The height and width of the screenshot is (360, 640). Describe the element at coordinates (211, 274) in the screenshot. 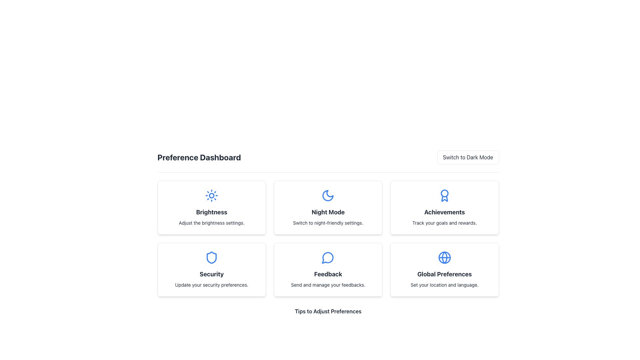

I see `the 'Security' label element, which serves as a title indicating the subject of the card in the second column of the second row of the preference grid layout` at that location.